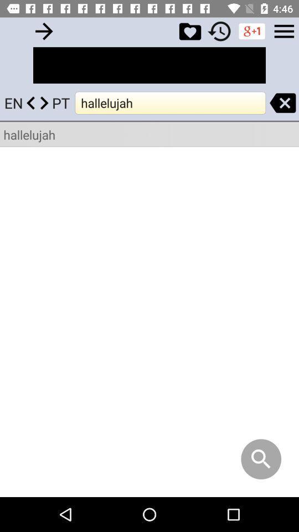  Describe the element at coordinates (189, 30) in the screenshot. I see `saved files` at that location.